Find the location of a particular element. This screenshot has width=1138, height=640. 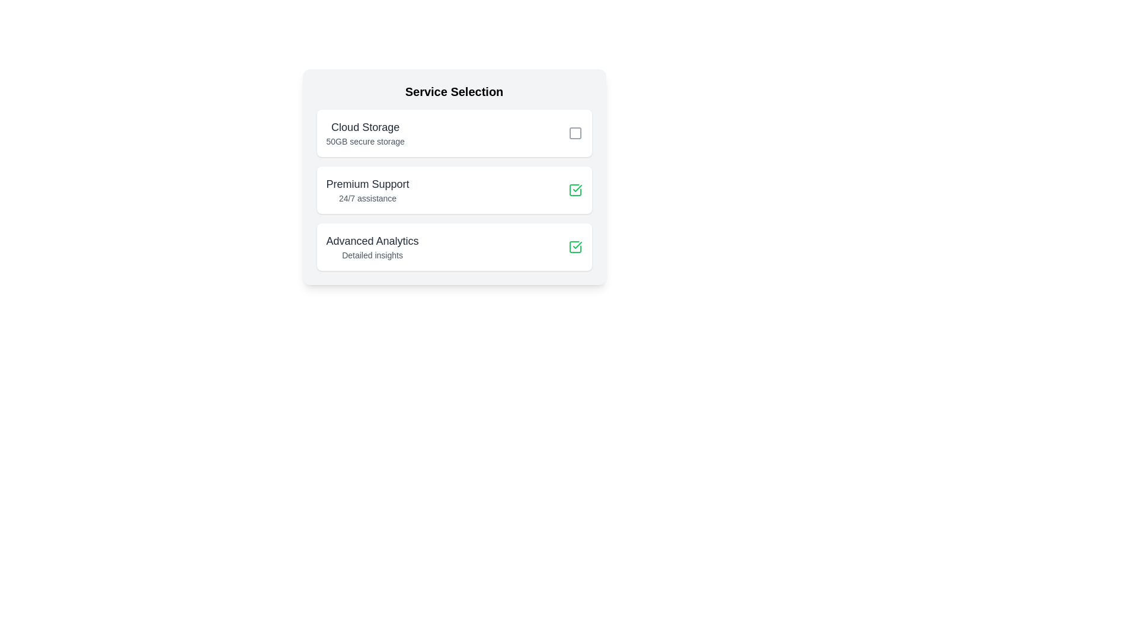

the 'Premium Support' text label, which serves as the title for the service option, located in the second service option of the 'Service Selection' list is located at coordinates (367, 184).